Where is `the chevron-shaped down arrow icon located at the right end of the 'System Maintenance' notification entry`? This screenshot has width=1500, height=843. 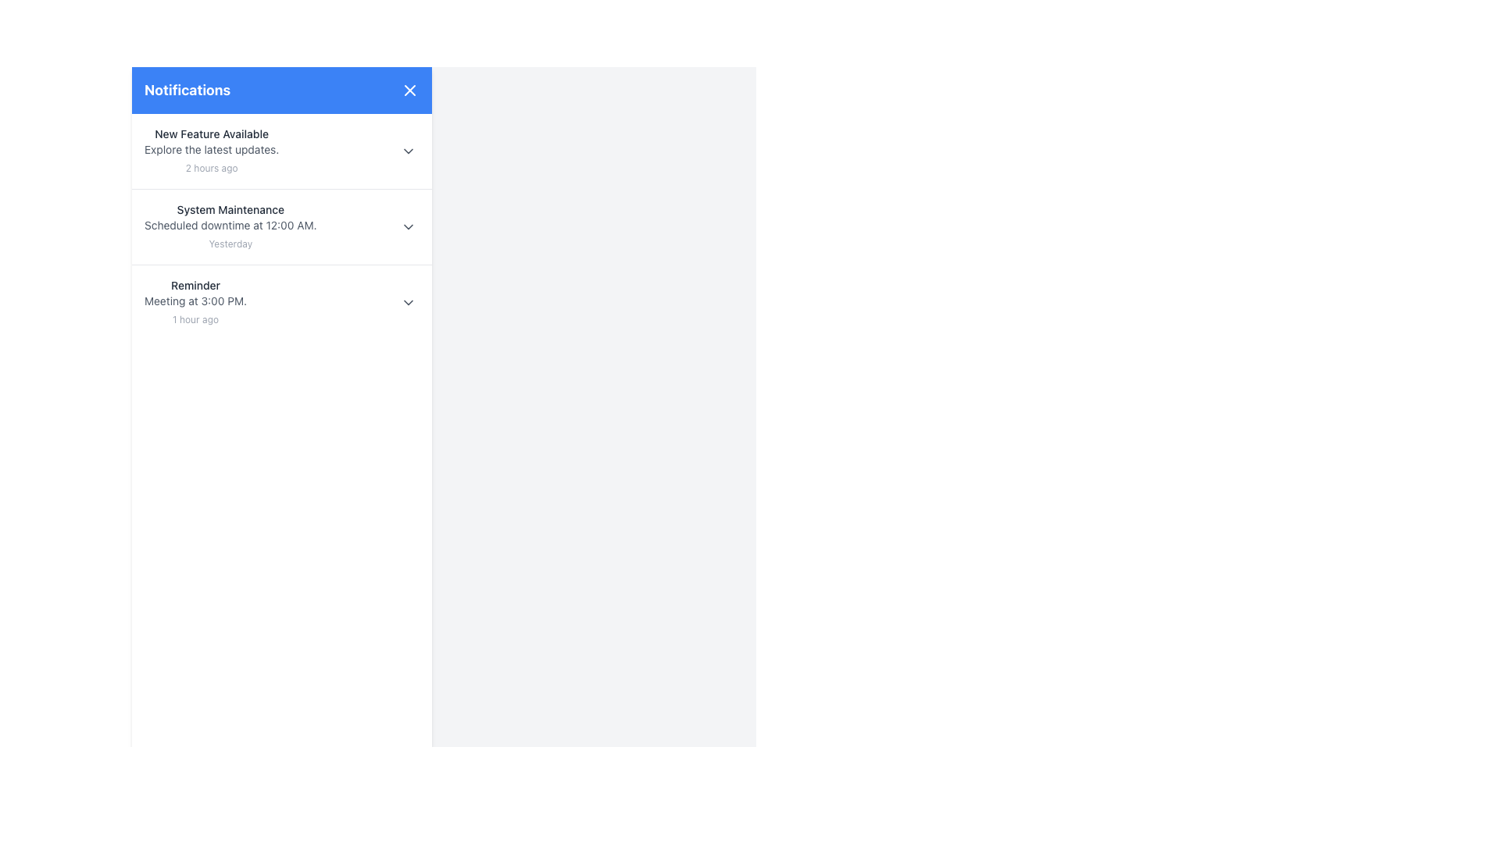
the chevron-shaped down arrow icon located at the right end of the 'System Maintenance' notification entry is located at coordinates (409, 226).